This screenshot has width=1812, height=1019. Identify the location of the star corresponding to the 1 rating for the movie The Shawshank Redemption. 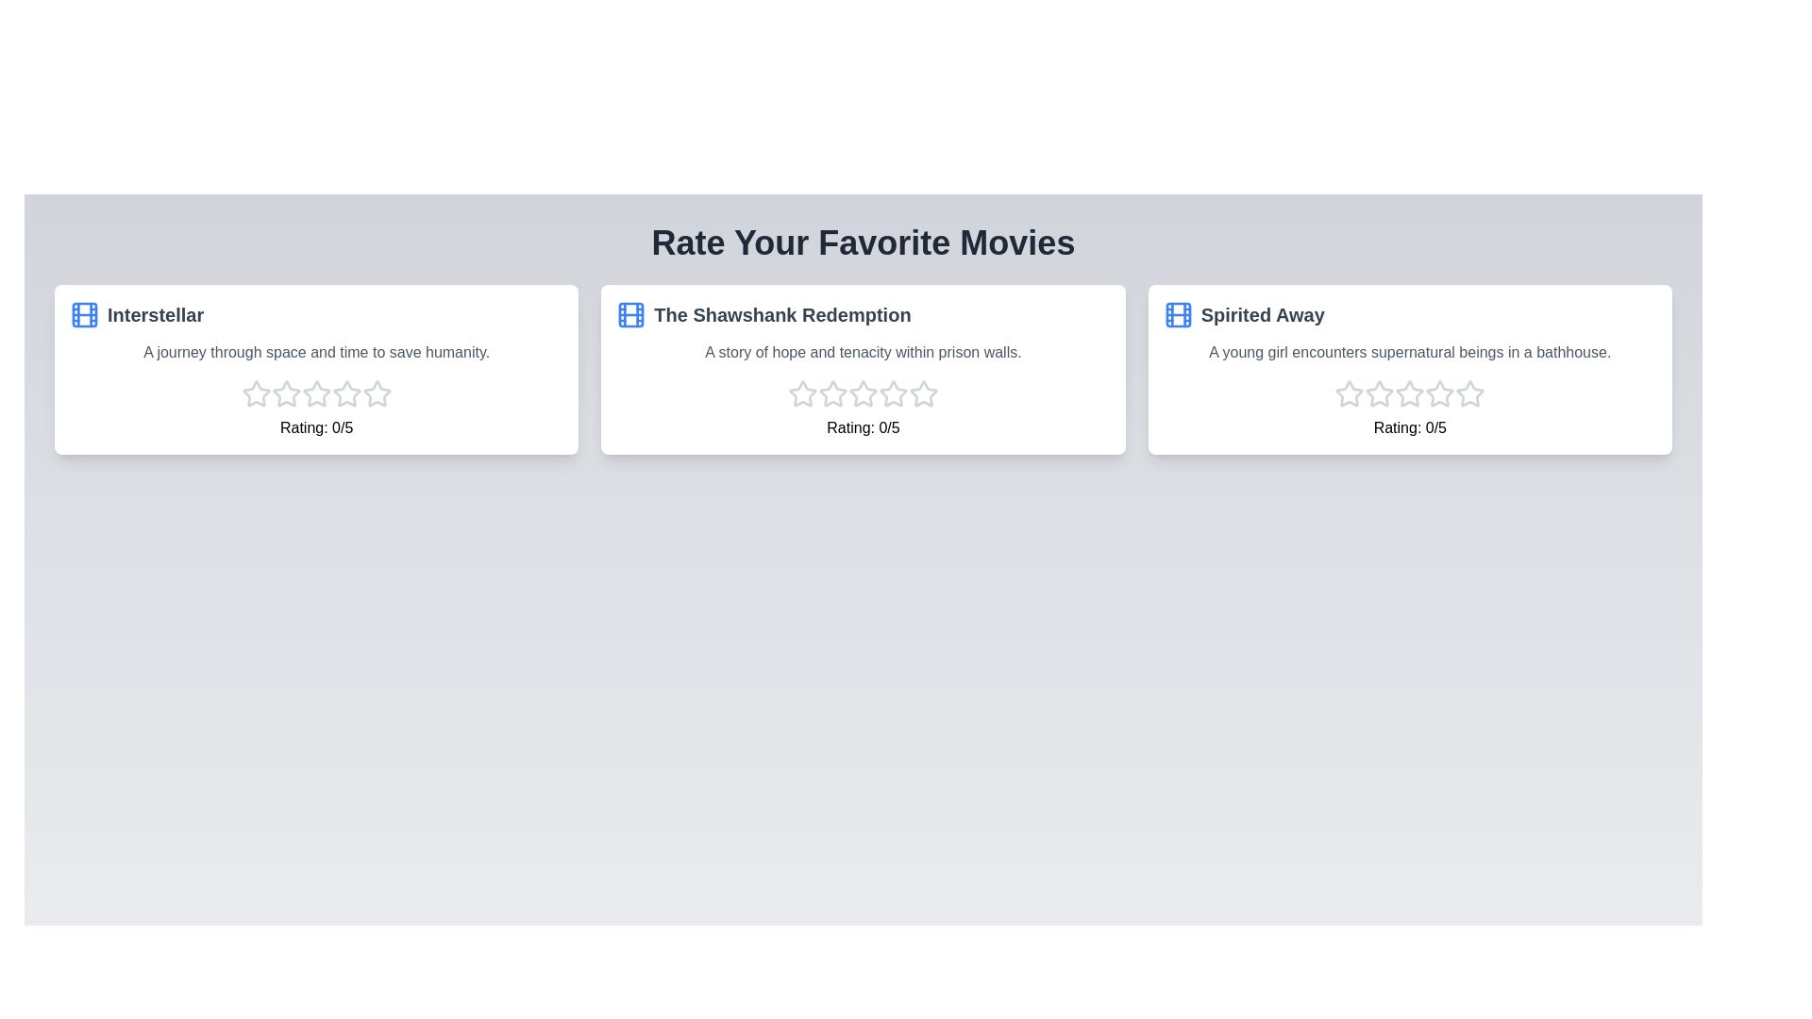
(802, 393).